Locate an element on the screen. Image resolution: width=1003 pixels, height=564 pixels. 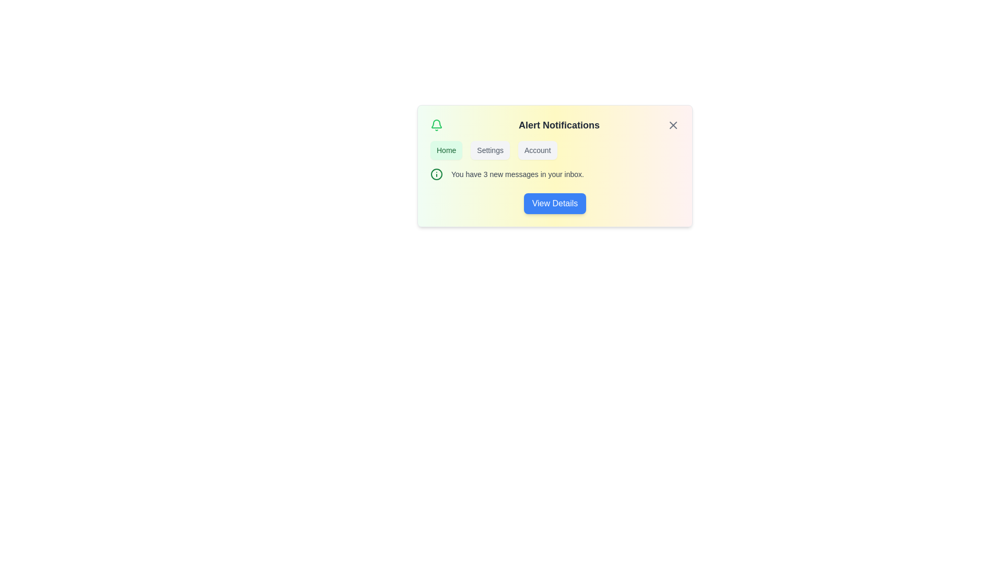
the Account tab is located at coordinates (538, 150).